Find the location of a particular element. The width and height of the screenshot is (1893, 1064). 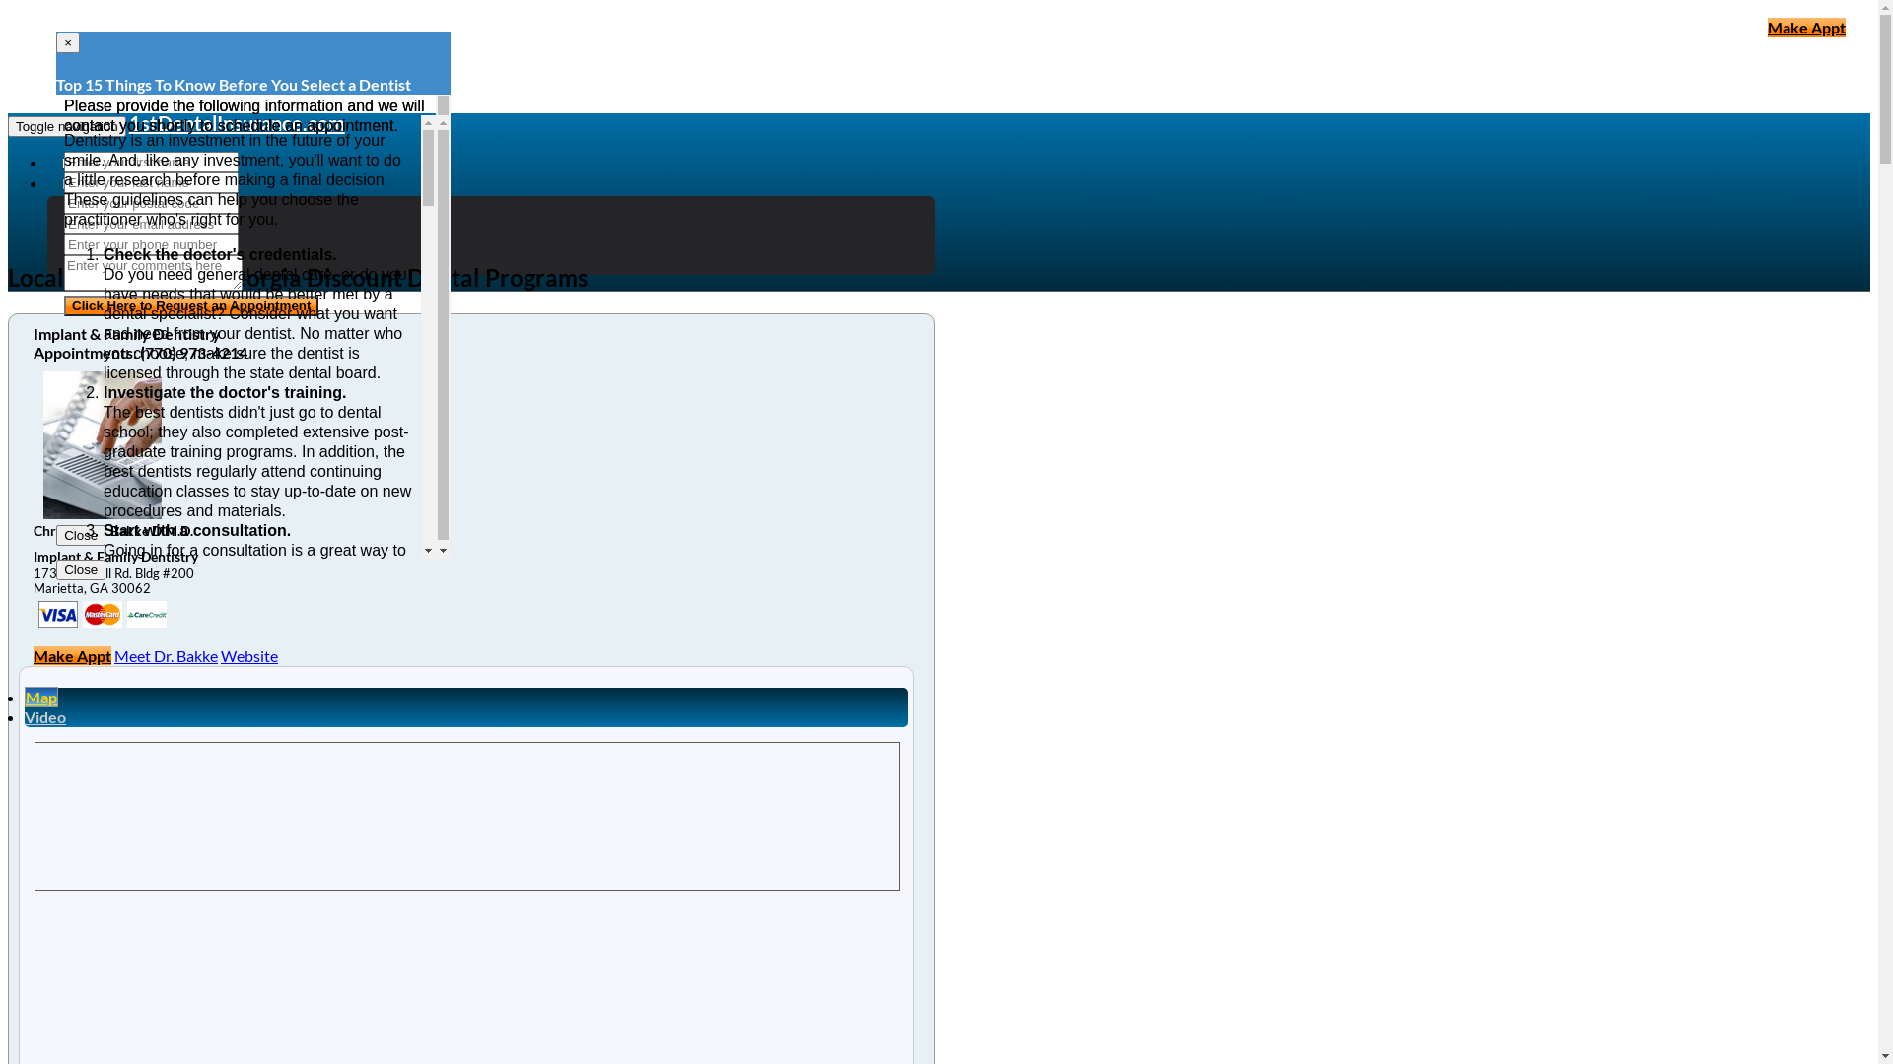

'Toggle navigation' is located at coordinates (66, 126).